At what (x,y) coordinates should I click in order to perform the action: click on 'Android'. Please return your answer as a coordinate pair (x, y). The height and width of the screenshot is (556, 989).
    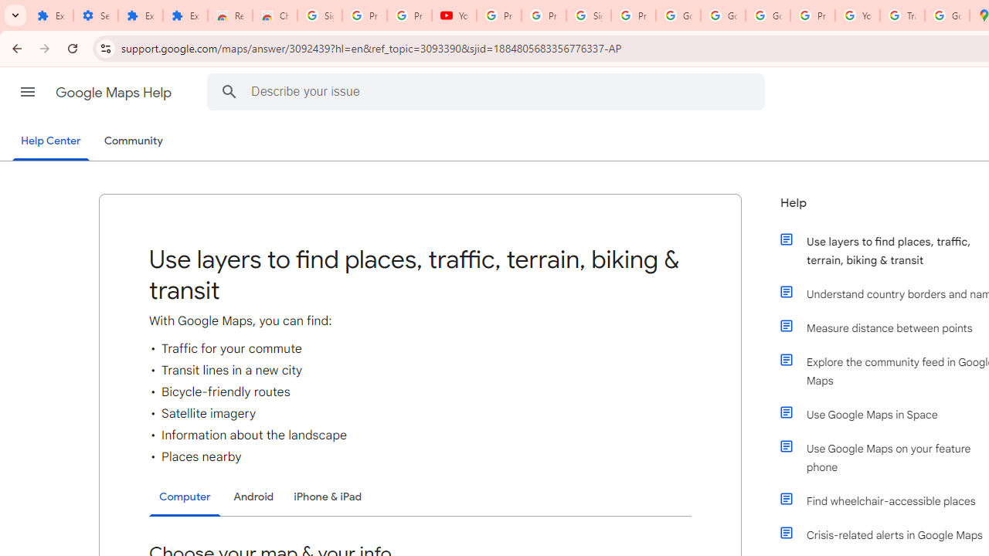
    Looking at the image, I should click on (253, 497).